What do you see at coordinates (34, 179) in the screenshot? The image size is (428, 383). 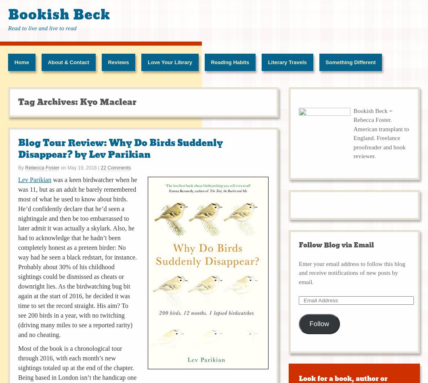 I see `'Lev Parikian'` at bounding box center [34, 179].